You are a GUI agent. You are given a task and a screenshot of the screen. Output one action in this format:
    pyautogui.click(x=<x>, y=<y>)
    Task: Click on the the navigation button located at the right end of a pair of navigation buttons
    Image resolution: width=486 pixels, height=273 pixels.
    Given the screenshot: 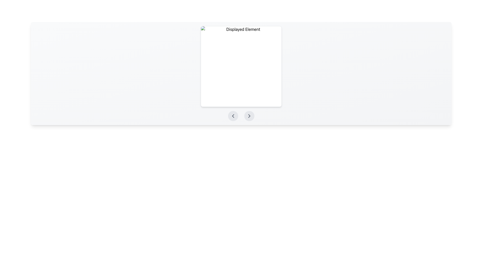 What is the action you would take?
    pyautogui.click(x=249, y=116)
    